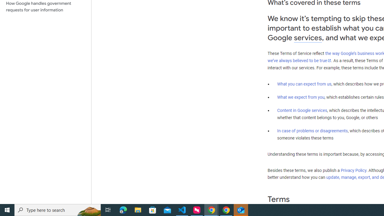 The height and width of the screenshot is (216, 384). I want to click on 'What you can expect from us', so click(304, 84).